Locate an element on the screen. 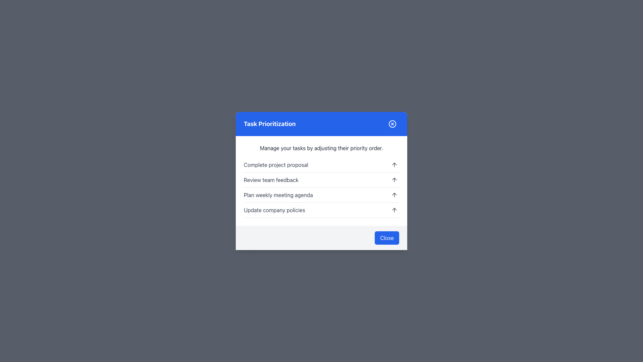 Image resolution: width=643 pixels, height=362 pixels. the upward pointing arrow icon located towards the bottom-right corner of the modal box to move the associated item upward in priority is located at coordinates (394, 210).